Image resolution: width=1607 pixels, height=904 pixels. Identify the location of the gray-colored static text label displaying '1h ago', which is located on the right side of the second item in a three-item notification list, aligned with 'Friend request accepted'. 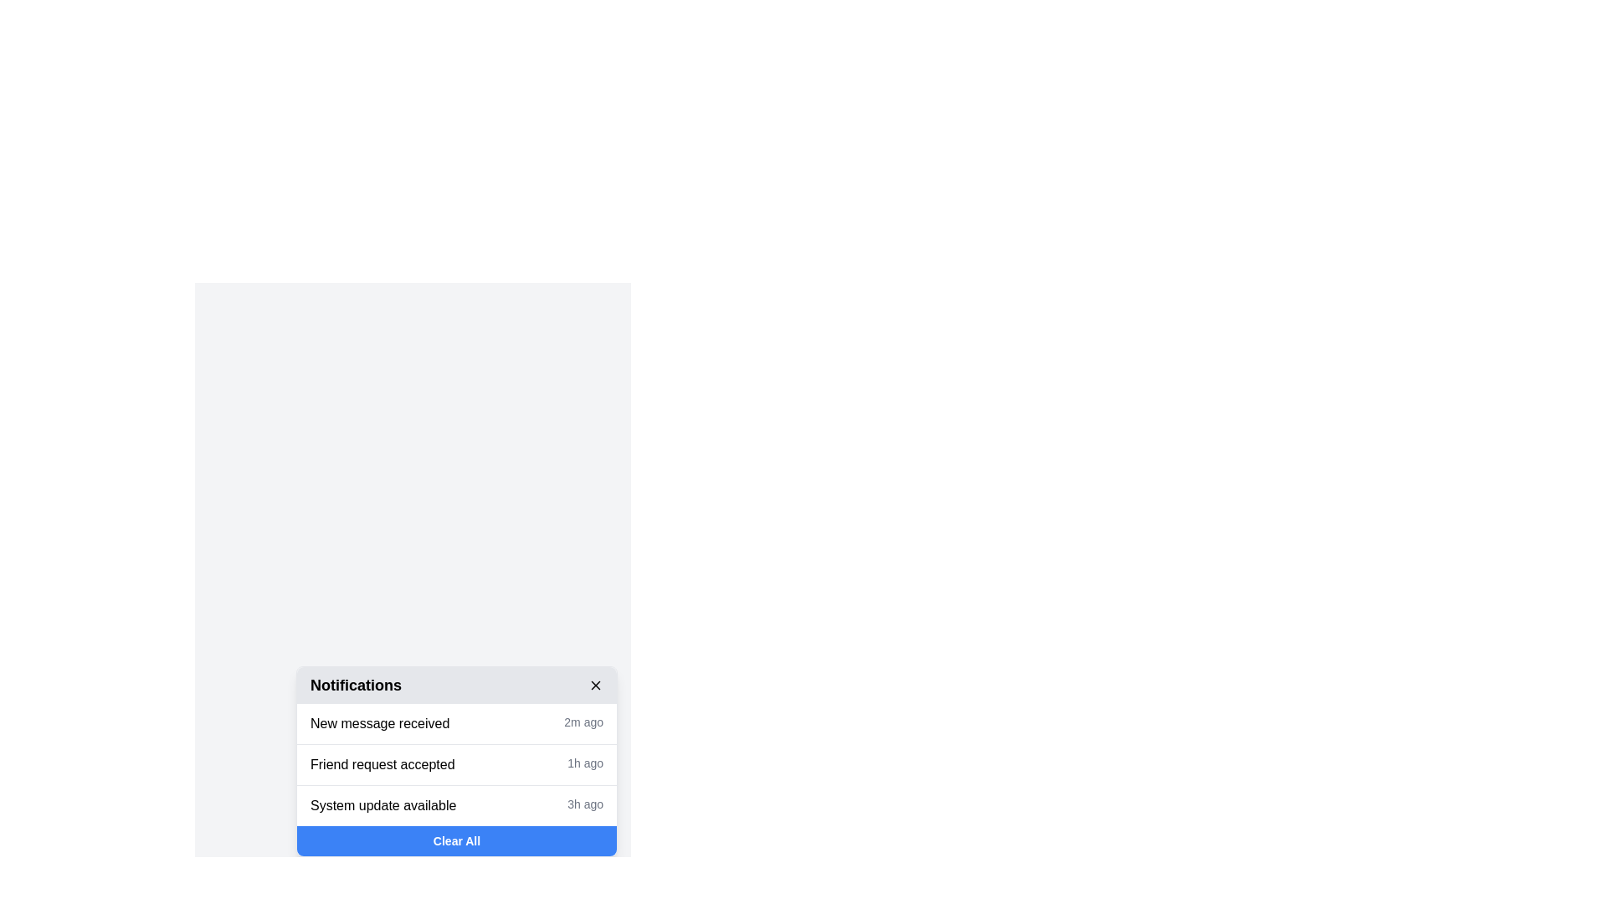
(585, 765).